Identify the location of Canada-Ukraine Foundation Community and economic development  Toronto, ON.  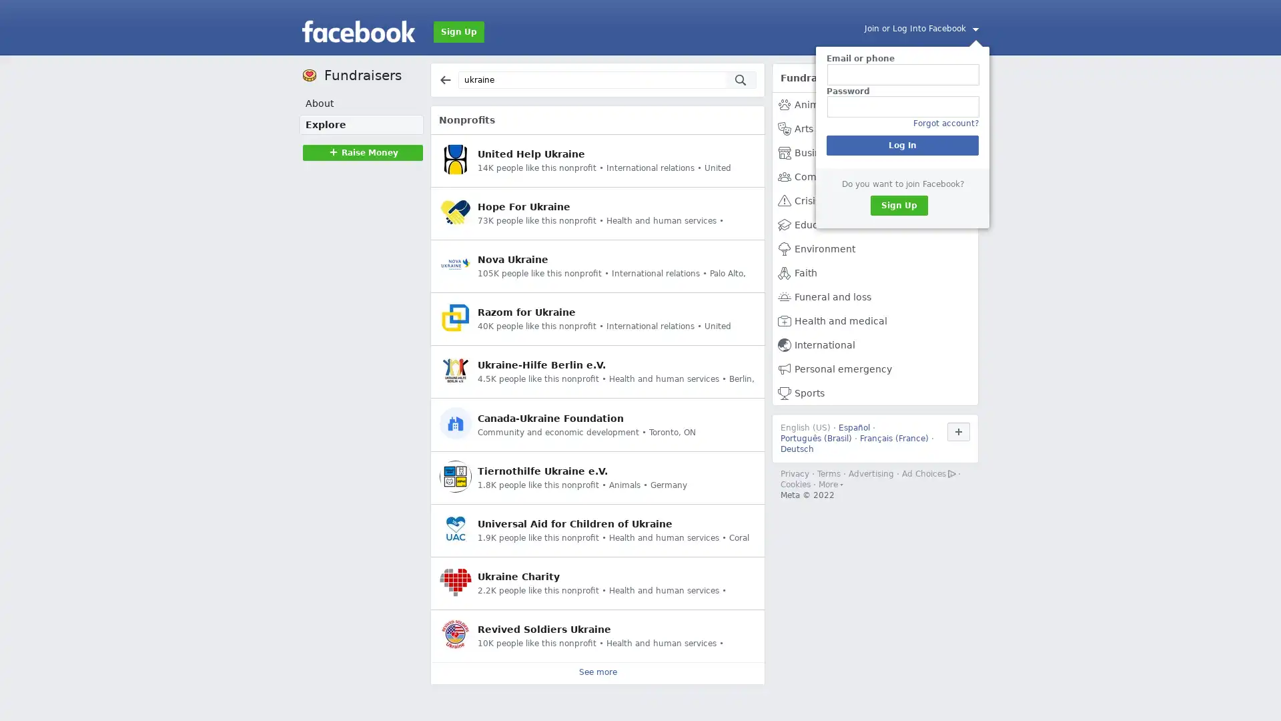
(597, 425).